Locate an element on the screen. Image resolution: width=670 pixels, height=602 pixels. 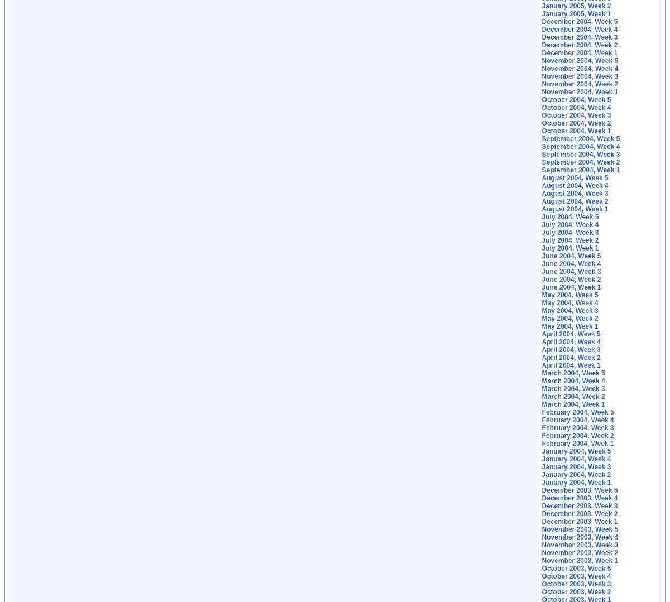
'August 2004, Week 2' is located at coordinates (575, 201).